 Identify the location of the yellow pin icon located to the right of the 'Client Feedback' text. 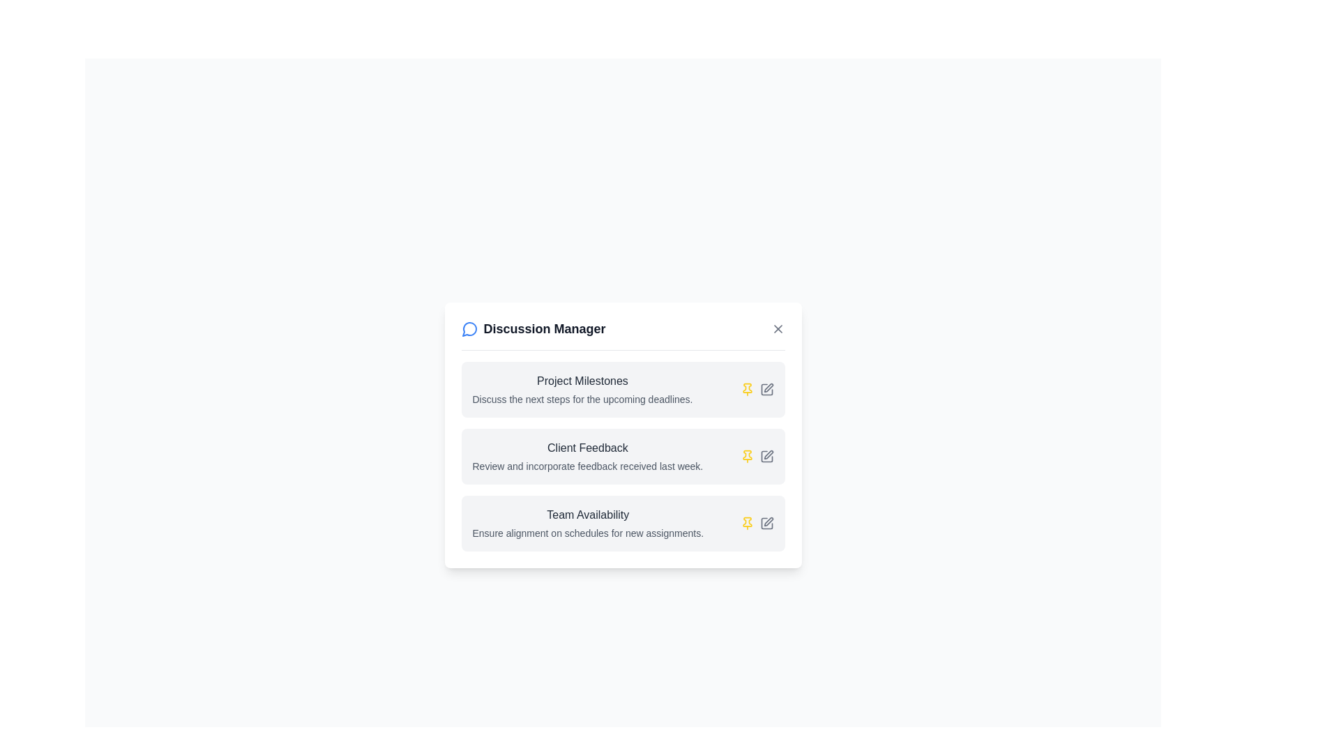
(746, 456).